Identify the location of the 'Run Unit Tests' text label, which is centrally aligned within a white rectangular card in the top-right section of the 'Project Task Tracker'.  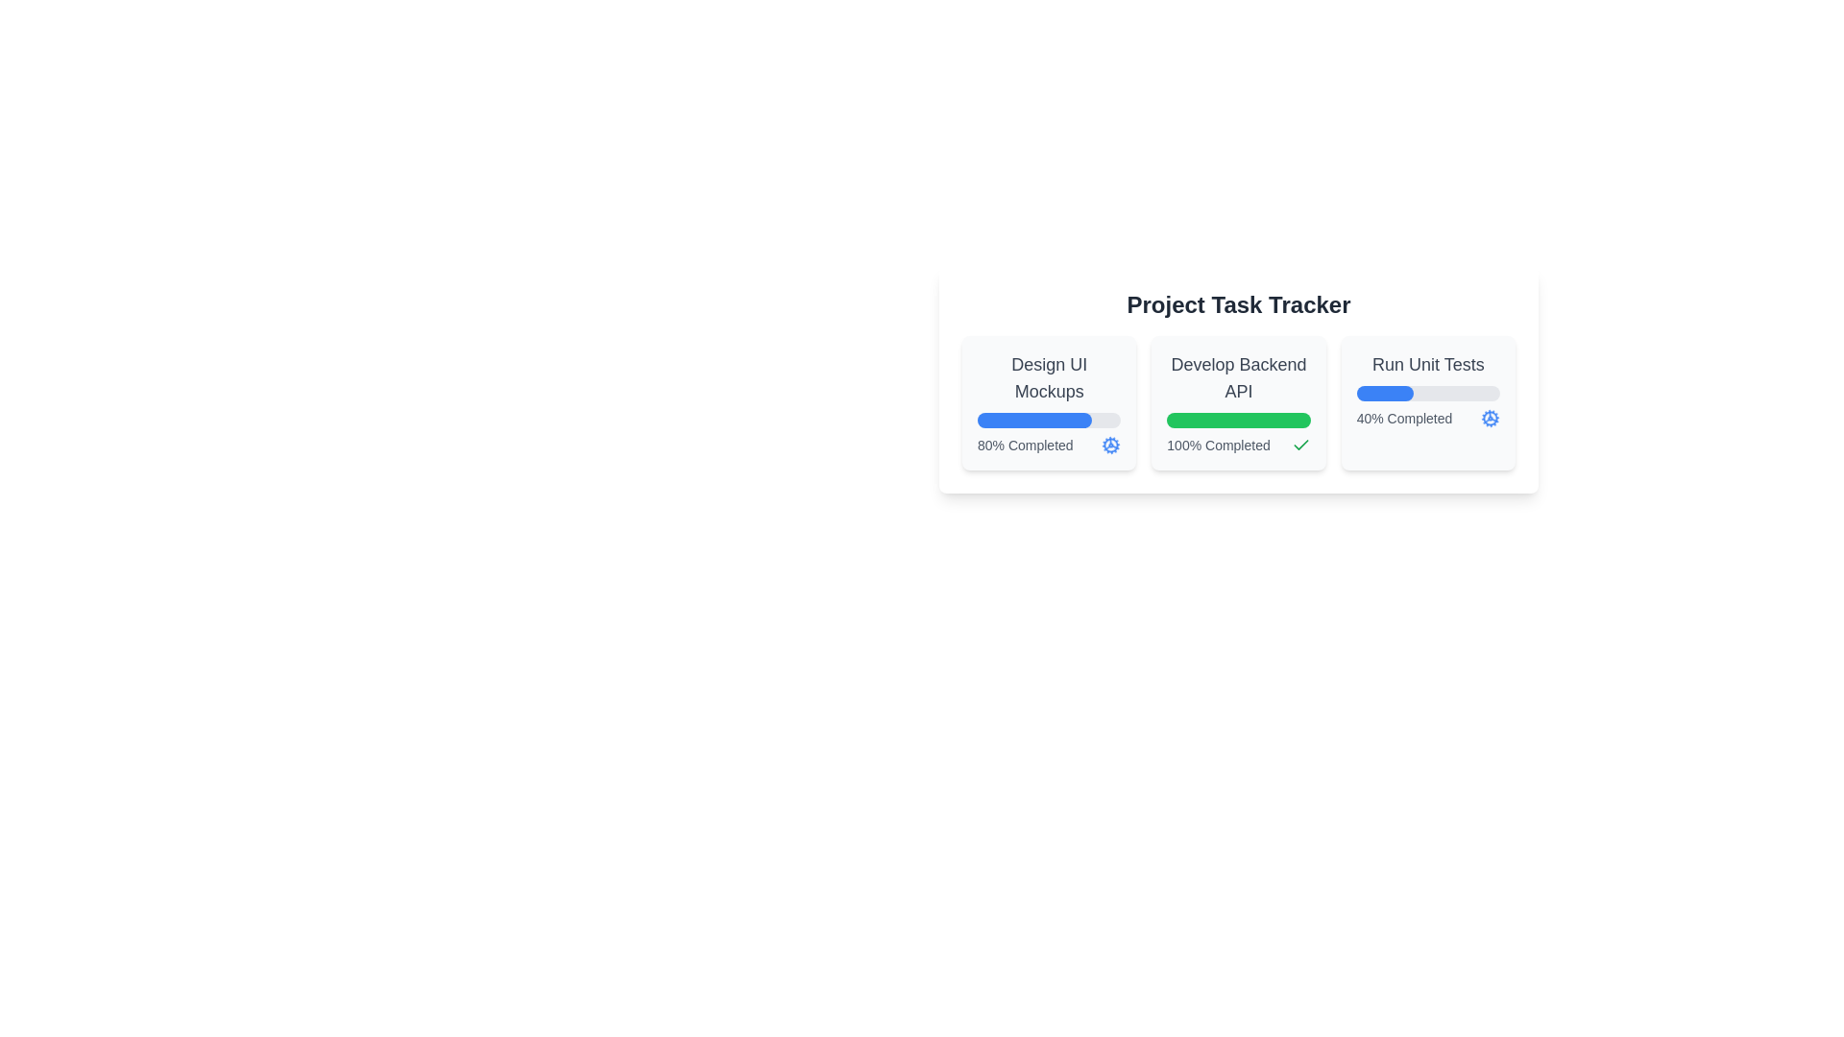
(1428, 365).